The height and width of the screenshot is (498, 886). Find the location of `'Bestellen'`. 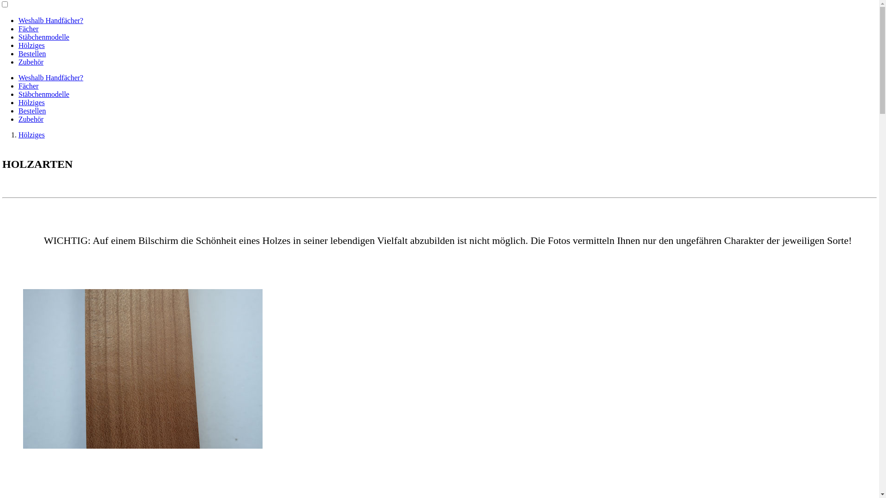

'Bestellen' is located at coordinates (18, 110).